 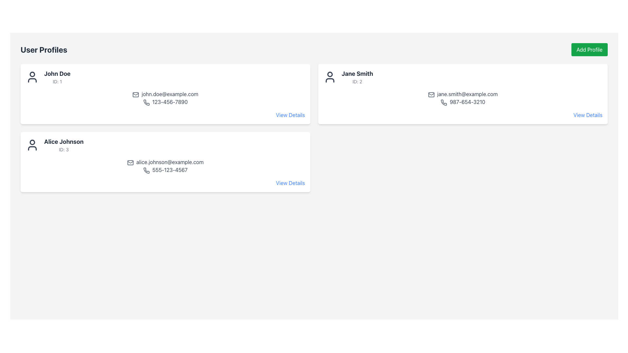 I want to click on name 'Jane Smith' and ID 'ID: 2' displayed in bold, large, dark gray text on the user profile information card, located at the top left corner of the card, so click(x=357, y=76).